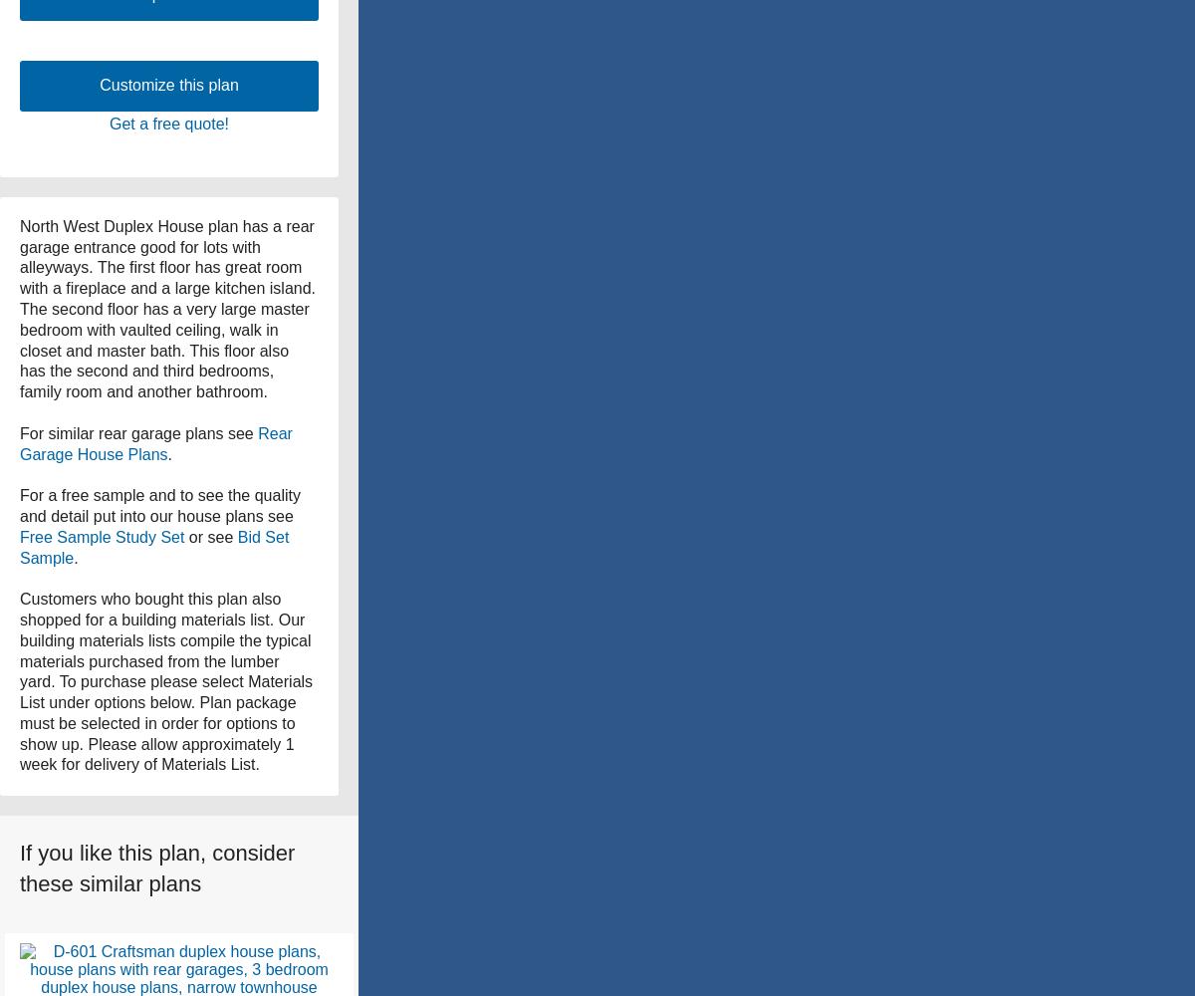 This screenshot has width=1195, height=996. I want to click on 'Get a free quote!', so click(167, 123).